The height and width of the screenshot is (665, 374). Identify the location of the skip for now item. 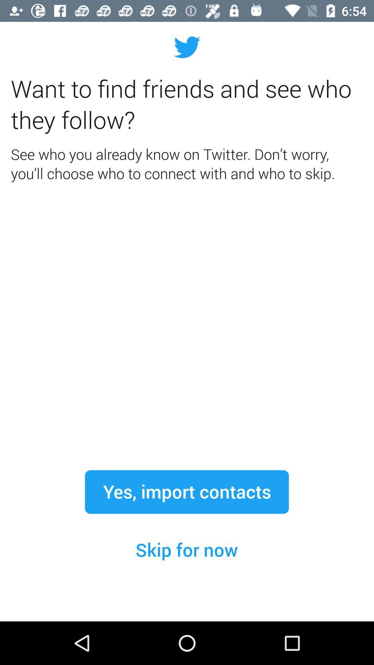
(186, 550).